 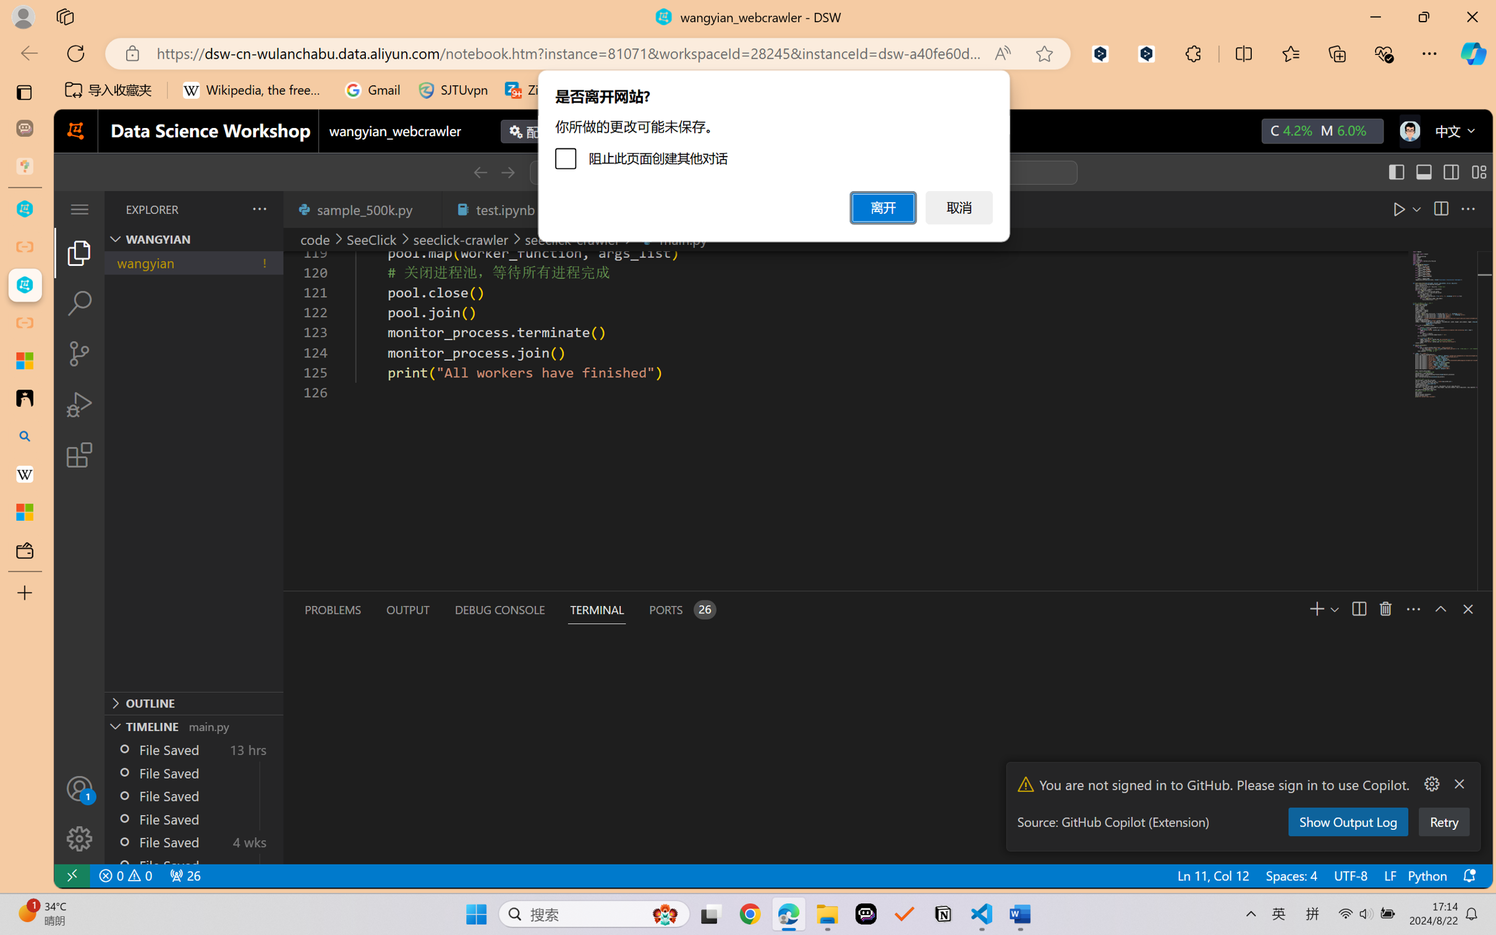 What do you see at coordinates (79, 404) in the screenshot?
I see `'Run and Debug (Ctrl+Shift+D)'` at bounding box center [79, 404].